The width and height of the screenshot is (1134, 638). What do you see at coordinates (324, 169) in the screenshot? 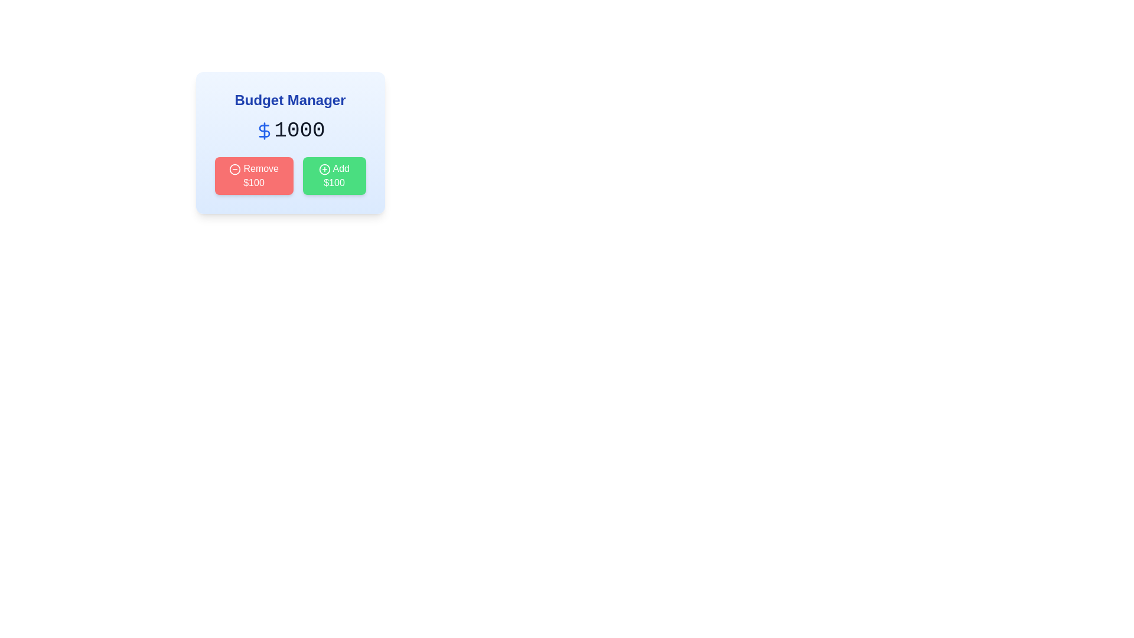
I see `the circular SVG graphical shape that complements the 'Add $100' button, which is centrally located within the icon of this button` at bounding box center [324, 169].